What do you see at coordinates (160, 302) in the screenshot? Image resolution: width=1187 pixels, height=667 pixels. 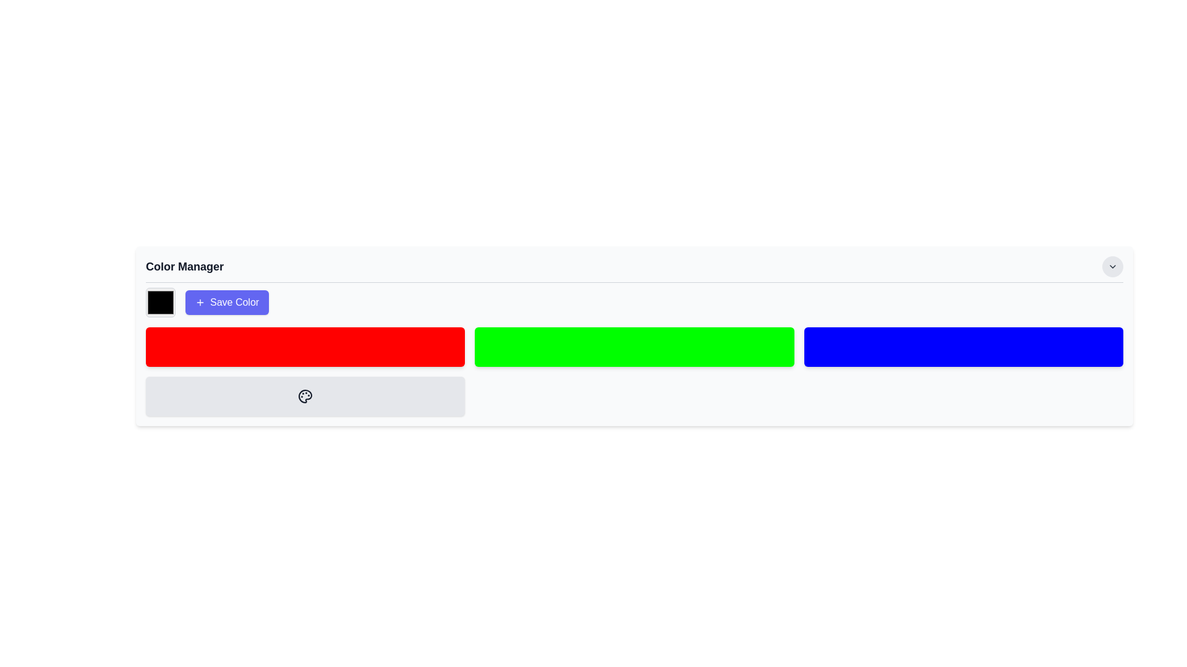 I see `the square-shaped color picker input field with a black background and gray rounded border` at bounding box center [160, 302].